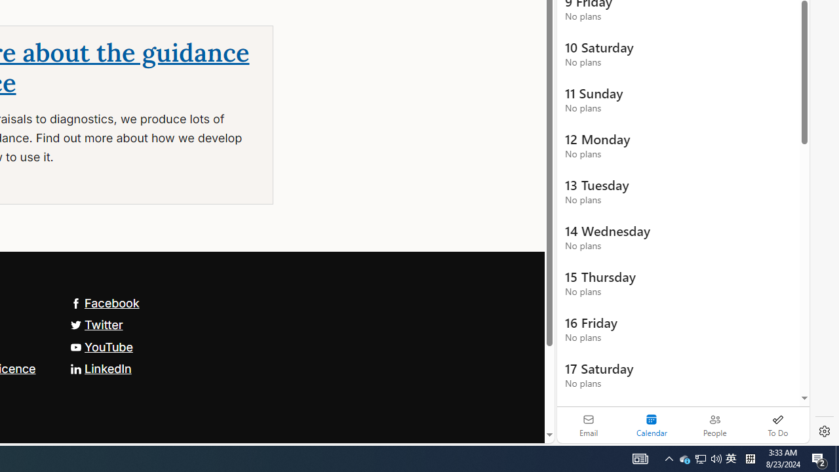 The image size is (839, 472). Describe the element at coordinates (588, 425) in the screenshot. I see `'Email'` at that location.